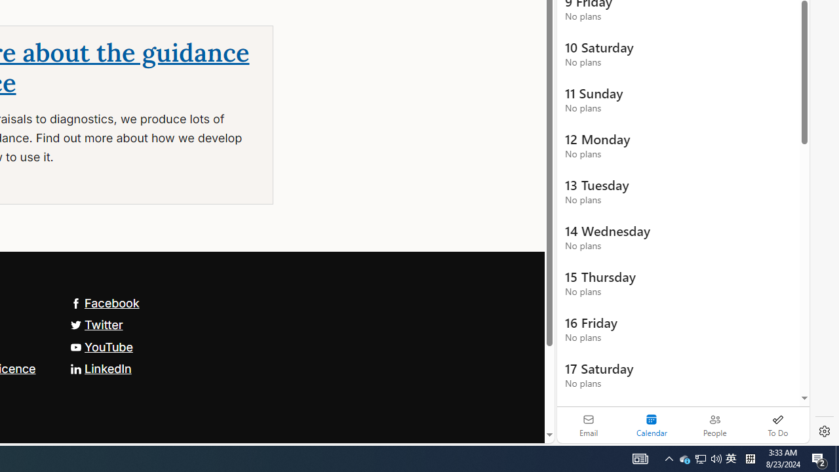 The image size is (839, 472). Describe the element at coordinates (588, 425) in the screenshot. I see `'Email'` at that location.